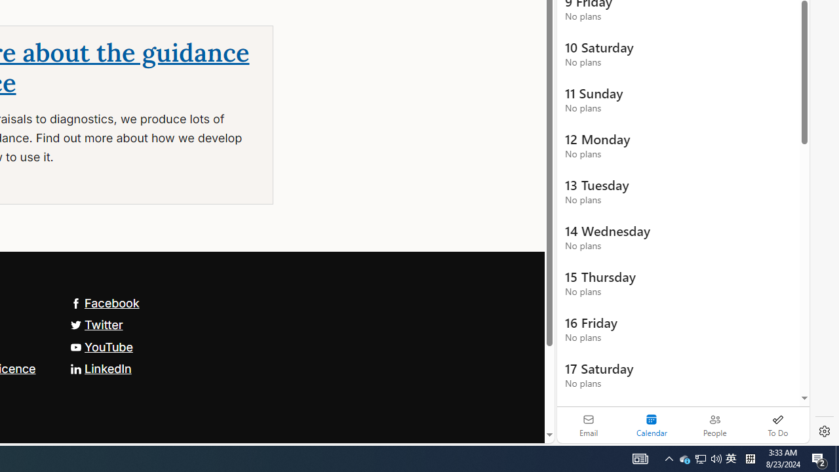 The image size is (839, 472). Describe the element at coordinates (588, 425) in the screenshot. I see `'Email'` at that location.